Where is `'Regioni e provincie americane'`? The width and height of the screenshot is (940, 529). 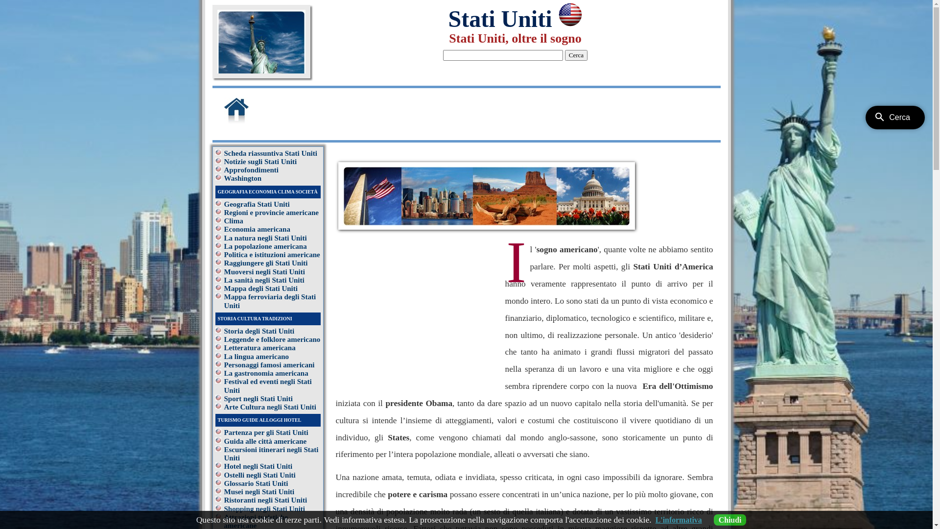 'Regioni e provincie americane' is located at coordinates (223, 212).